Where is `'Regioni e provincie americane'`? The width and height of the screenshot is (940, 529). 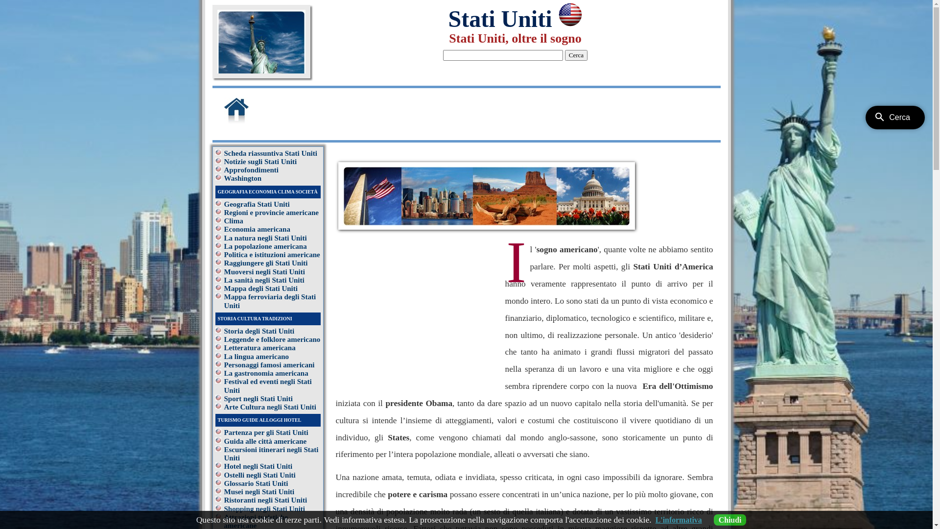 'Regioni e provincie americane' is located at coordinates (223, 212).